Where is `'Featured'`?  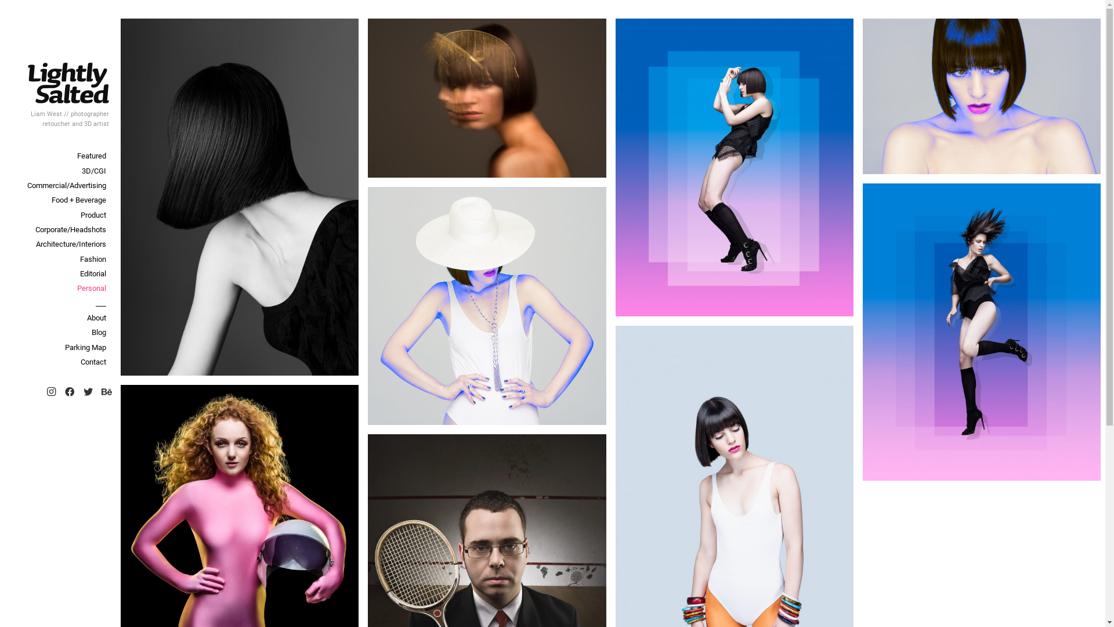
'Featured' is located at coordinates (57, 155).